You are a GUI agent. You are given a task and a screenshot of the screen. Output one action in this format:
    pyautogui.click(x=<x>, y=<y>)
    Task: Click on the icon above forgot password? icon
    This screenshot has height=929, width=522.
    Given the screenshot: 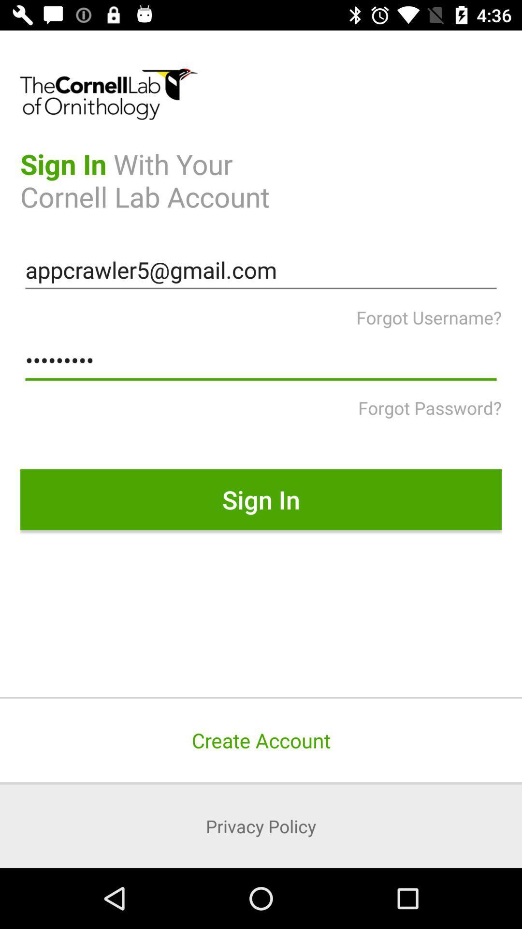 What is the action you would take?
    pyautogui.click(x=261, y=360)
    